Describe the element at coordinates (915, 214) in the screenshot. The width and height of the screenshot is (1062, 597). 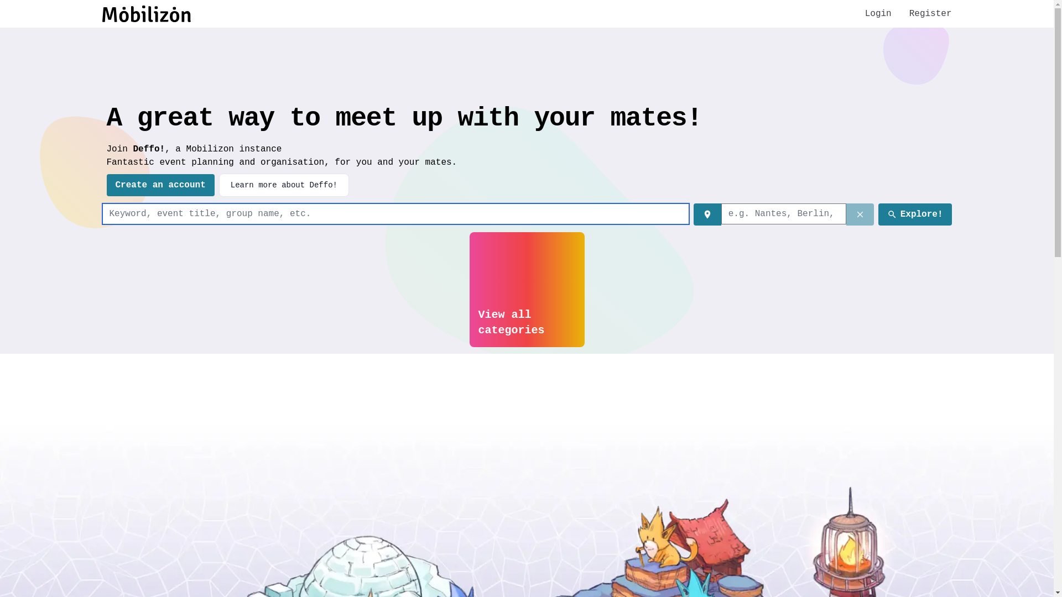
I see `'Explore!'` at that location.